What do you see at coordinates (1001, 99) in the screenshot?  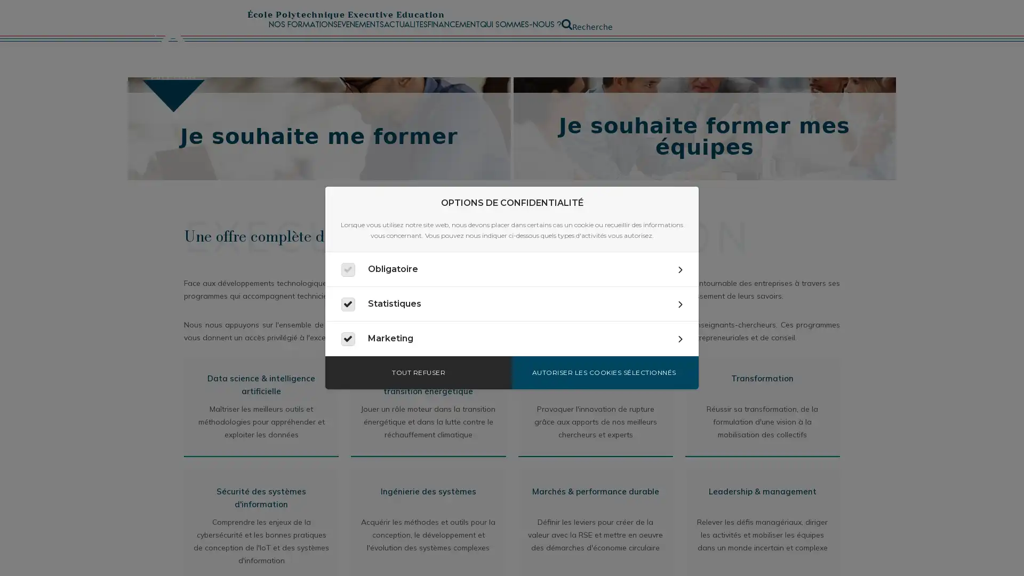 I see `Fermer la recherche` at bounding box center [1001, 99].